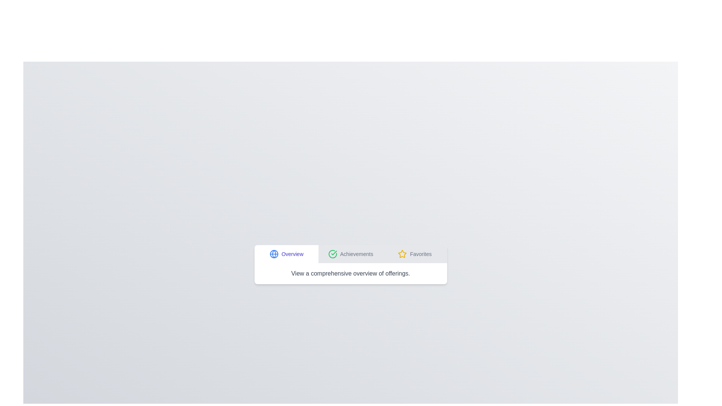  What do you see at coordinates (350, 254) in the screenshot?
I see `the tab labeled Achievements` at bounding box center [350, 254].